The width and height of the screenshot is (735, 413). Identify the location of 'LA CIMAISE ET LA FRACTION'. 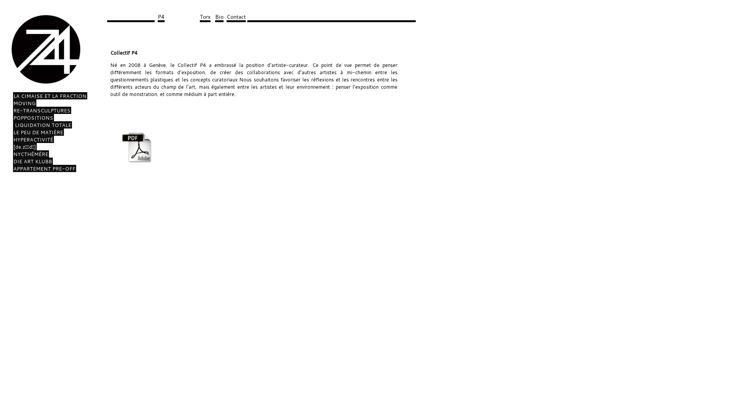
(13, 95).